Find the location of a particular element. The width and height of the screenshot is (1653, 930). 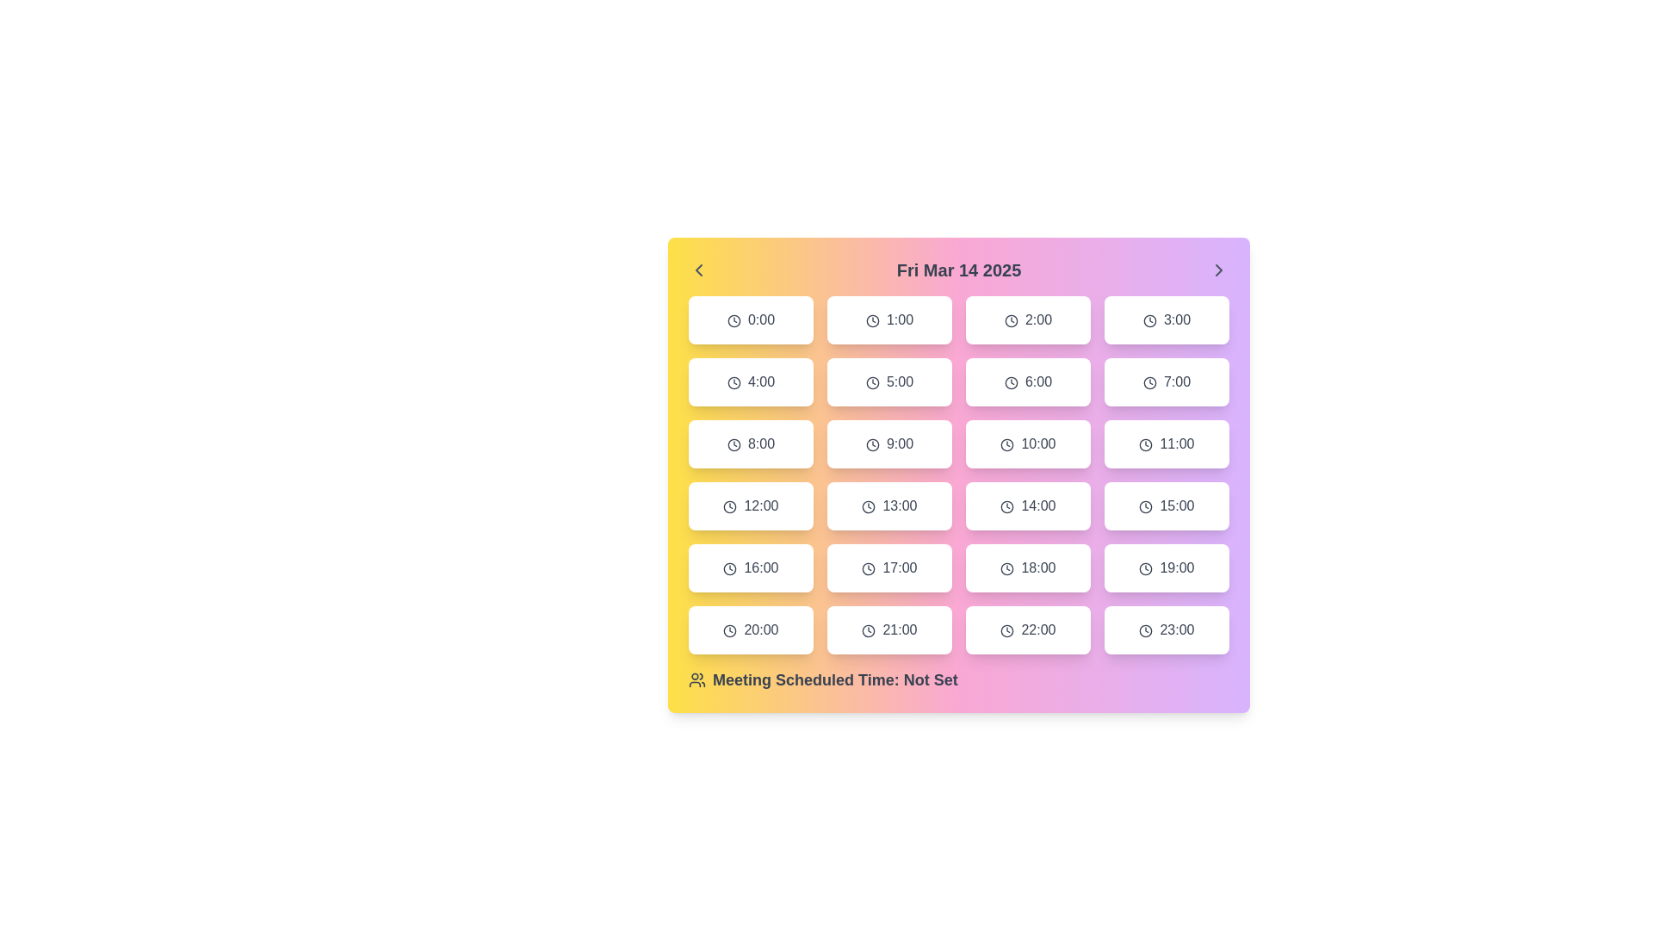

the clock icon inside the button labeled '9:00' is located at coordinates (872, 443).